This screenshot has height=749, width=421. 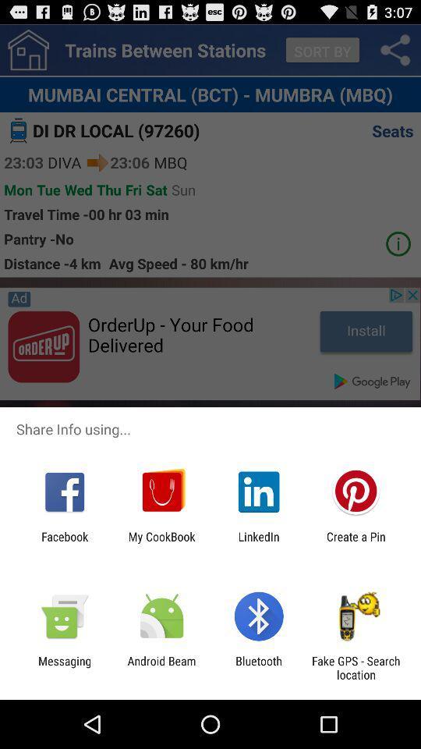 What do you see at coordinates (161, 667) in the screenshot?
I see `the app next to the bluetooth` at bounding box center [161, 667].